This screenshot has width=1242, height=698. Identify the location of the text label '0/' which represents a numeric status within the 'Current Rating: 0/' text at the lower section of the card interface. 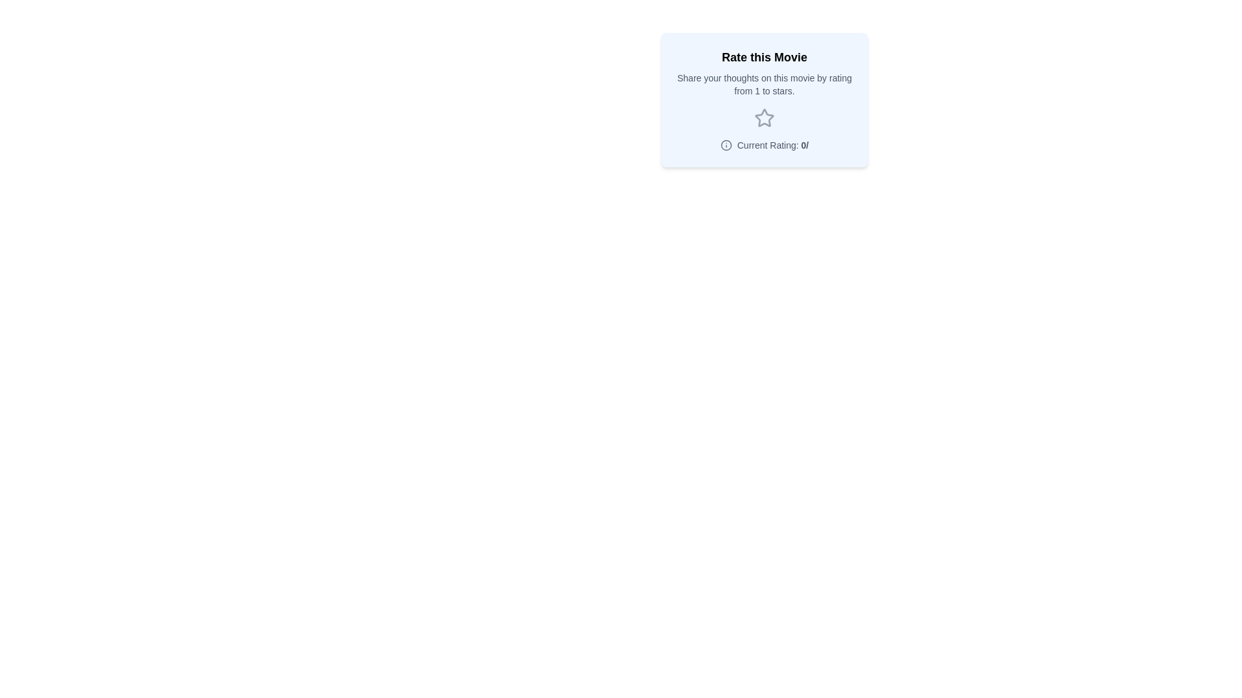
(804, 145).